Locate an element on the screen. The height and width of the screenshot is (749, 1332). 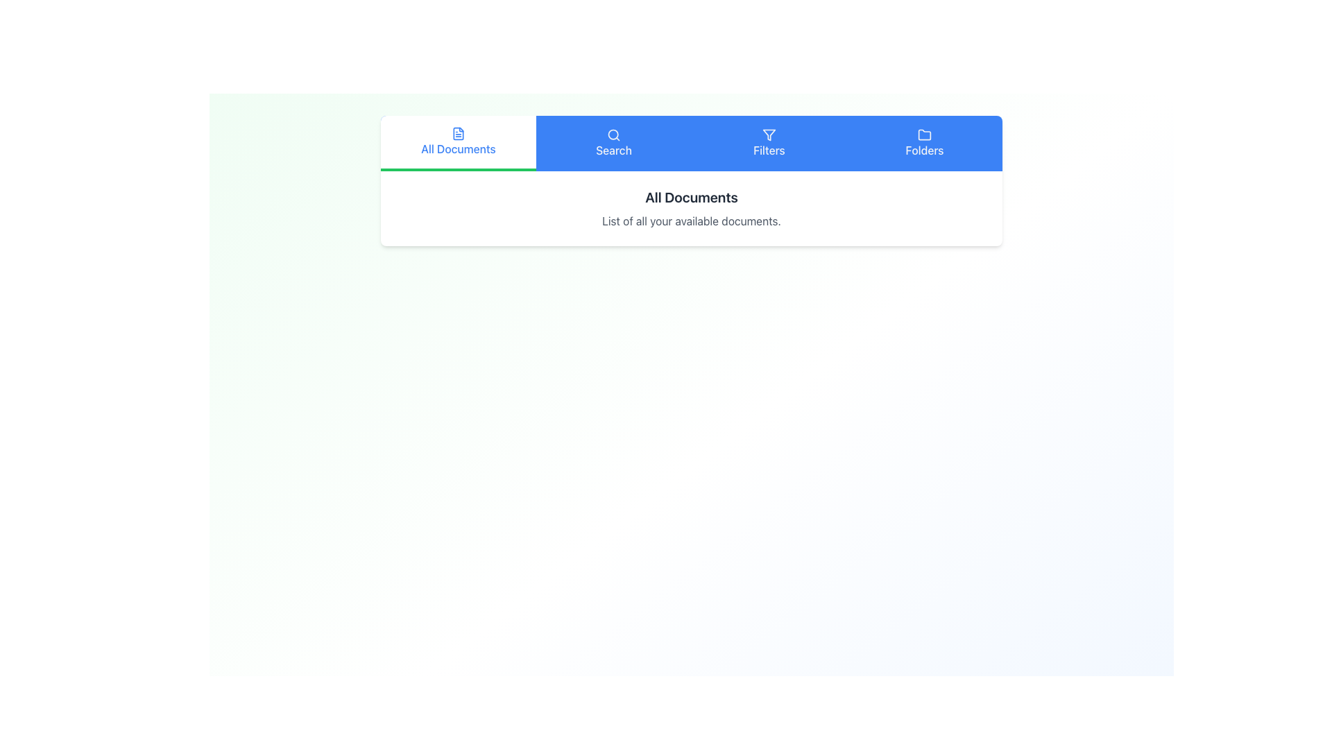
the Navigation Tab which contains a document icon above the text label 'All Documents' is located at coordinates (459, 141).